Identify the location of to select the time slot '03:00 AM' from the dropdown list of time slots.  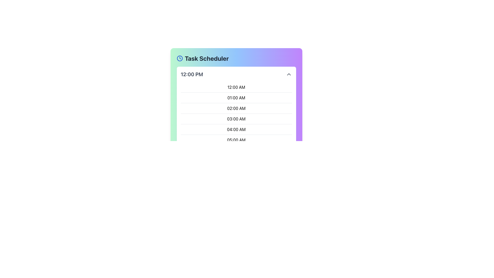
(236, 119).